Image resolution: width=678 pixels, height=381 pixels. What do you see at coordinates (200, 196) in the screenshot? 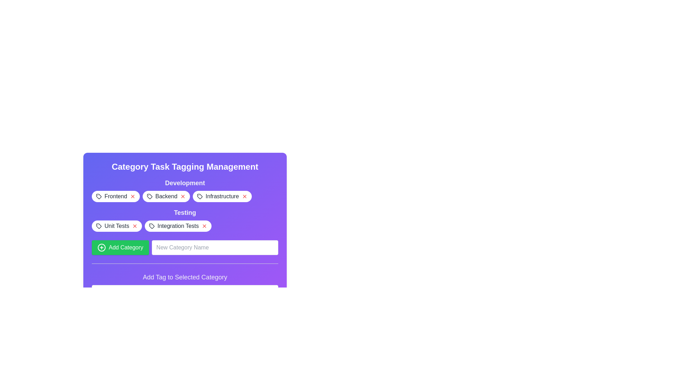
I see `the tag-shaped icon located in the 'Development' section beside the text 'Infrastructure'. This icon is identifiable by its polygonal shape with rounded corners and a small circle, indicating its labeling functionality` at bounding box center [200, 196].